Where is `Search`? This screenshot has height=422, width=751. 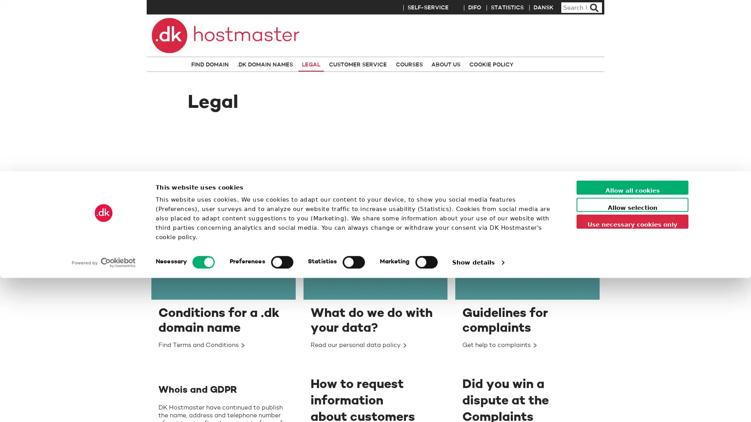 Search is located at coordinates (595, 7).